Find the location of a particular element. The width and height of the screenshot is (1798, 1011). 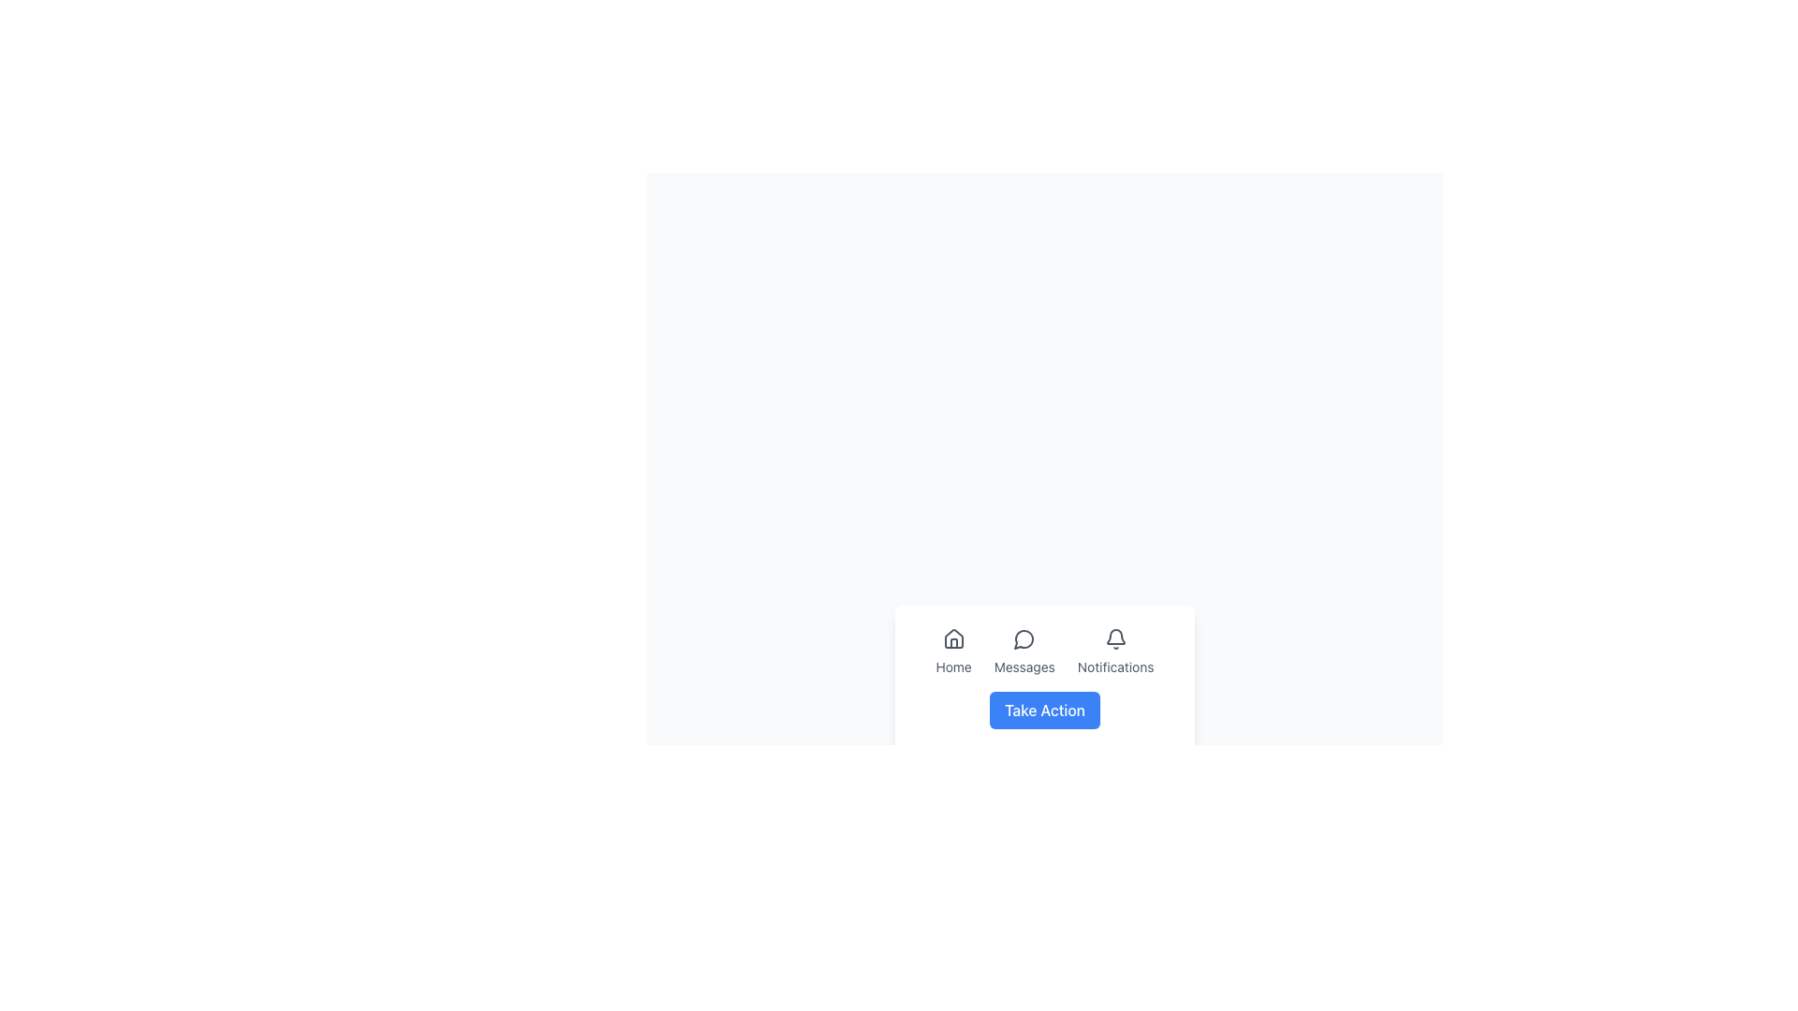

the circular speech bubble icon located above the 'Messages' label in the navigation bar is located at coordinates (1024, 637).